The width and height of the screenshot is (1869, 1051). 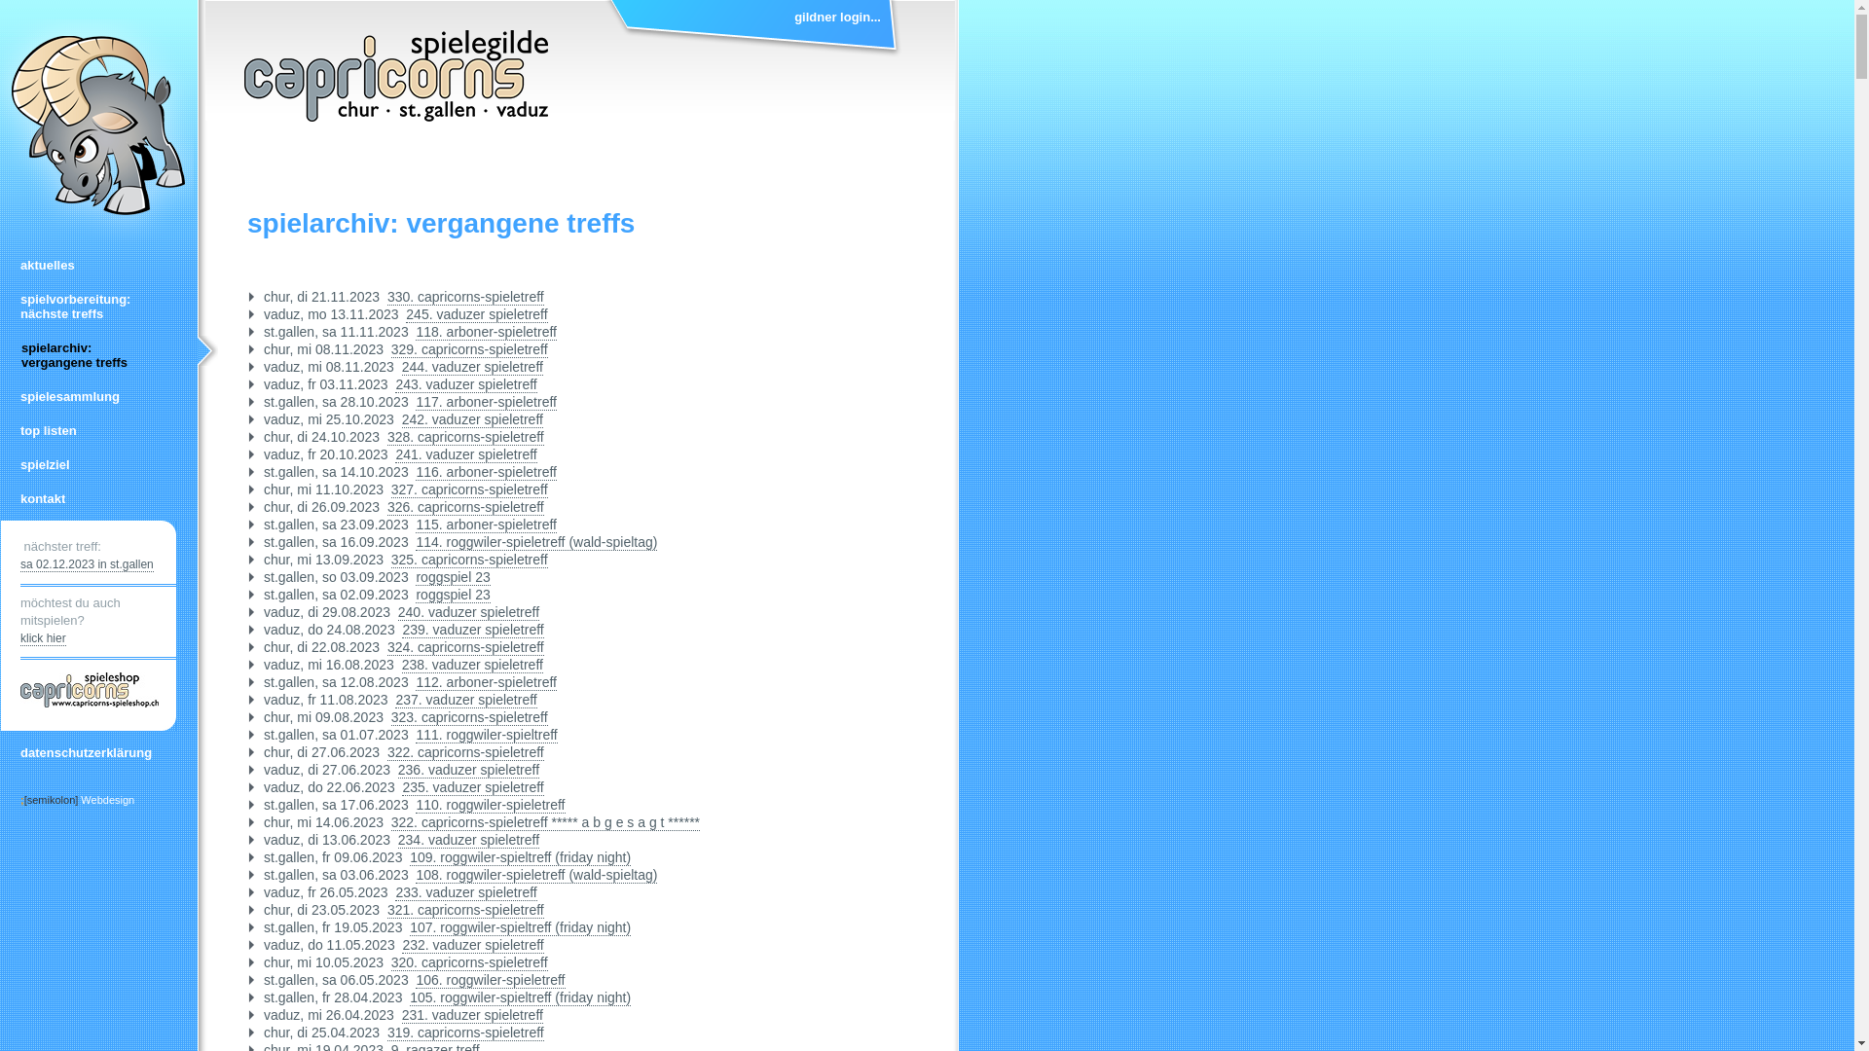 I want to click on '240. vaduzer spieletreff', so click(x=468, y=611).